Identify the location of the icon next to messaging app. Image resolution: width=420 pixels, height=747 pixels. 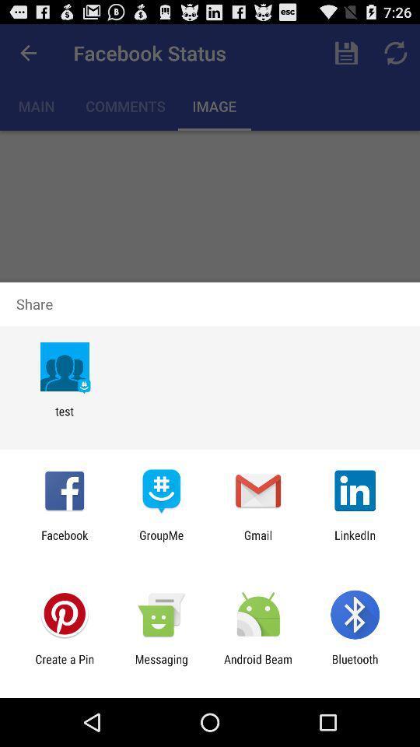
(258, 665).